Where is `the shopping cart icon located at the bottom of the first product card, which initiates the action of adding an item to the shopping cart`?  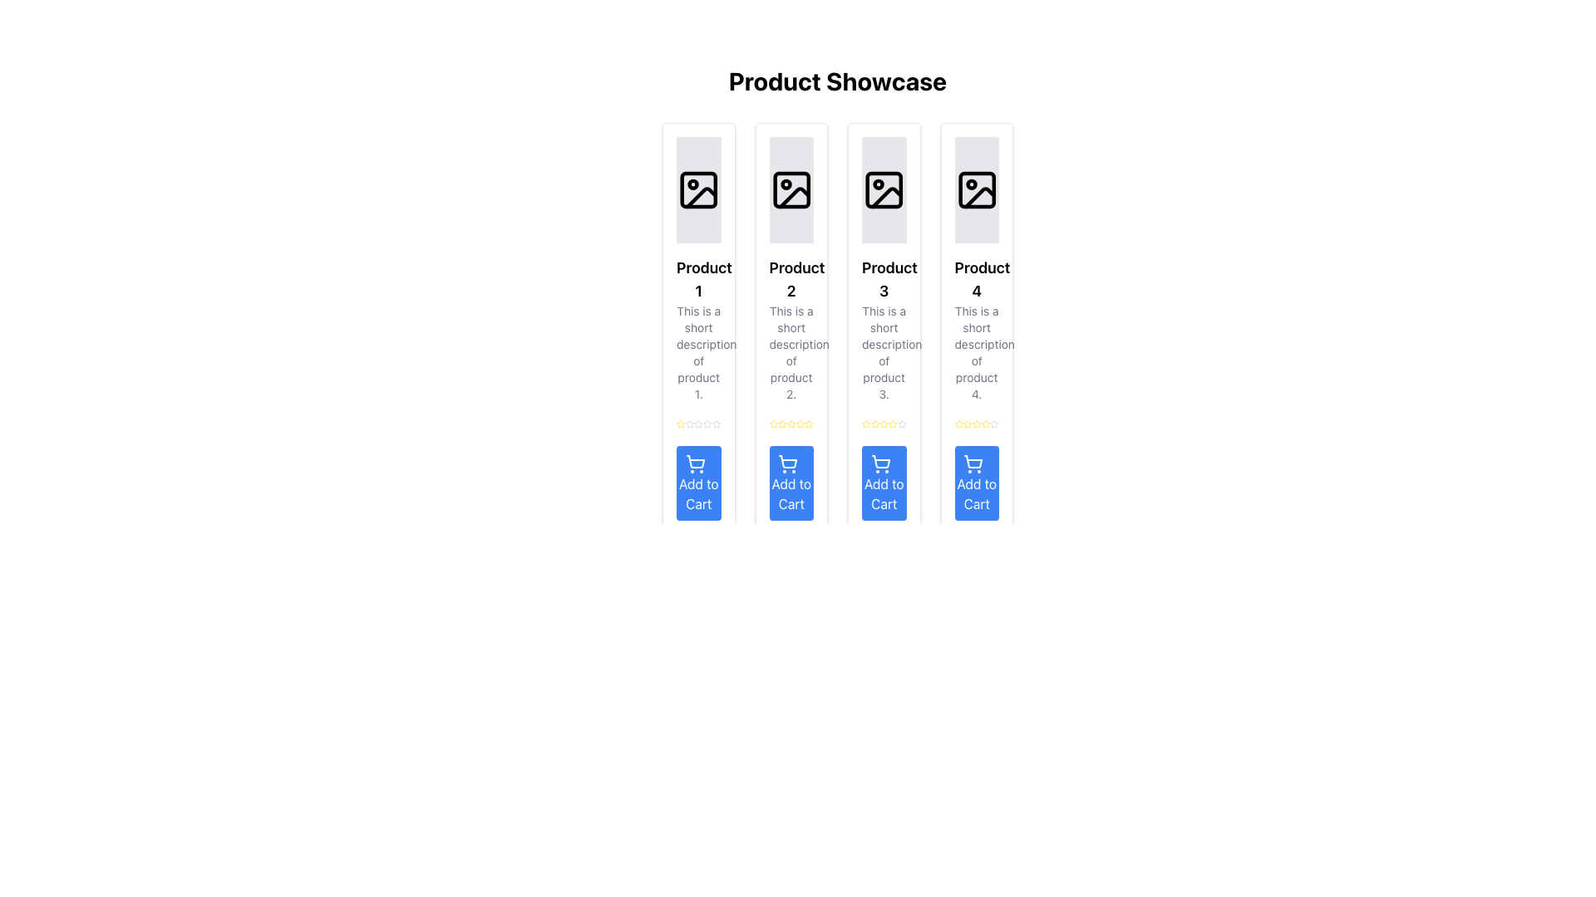
the shopping cart icon located at the bottom of the first product card, which initiates the action of adding an item to the shopping cart is located at coordinates (695, 463).